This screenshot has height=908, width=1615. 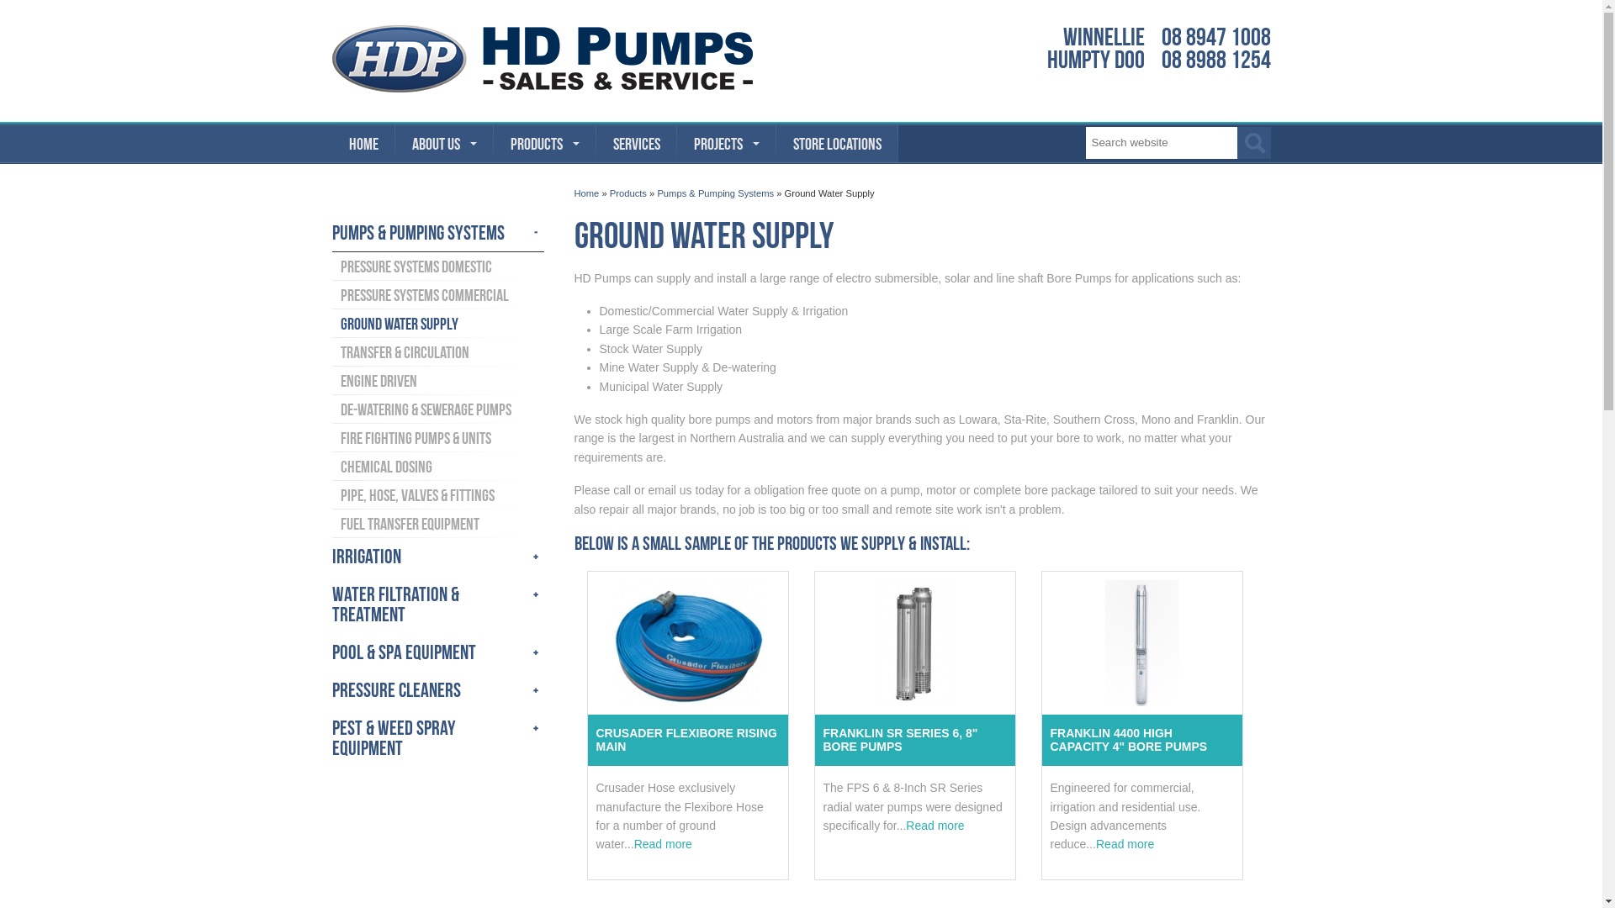 What do you see at coordinates (437, 351) in the screenshot?
I see `'TRANSFER & CIRCULATION'` at bounding box center [437, 351].